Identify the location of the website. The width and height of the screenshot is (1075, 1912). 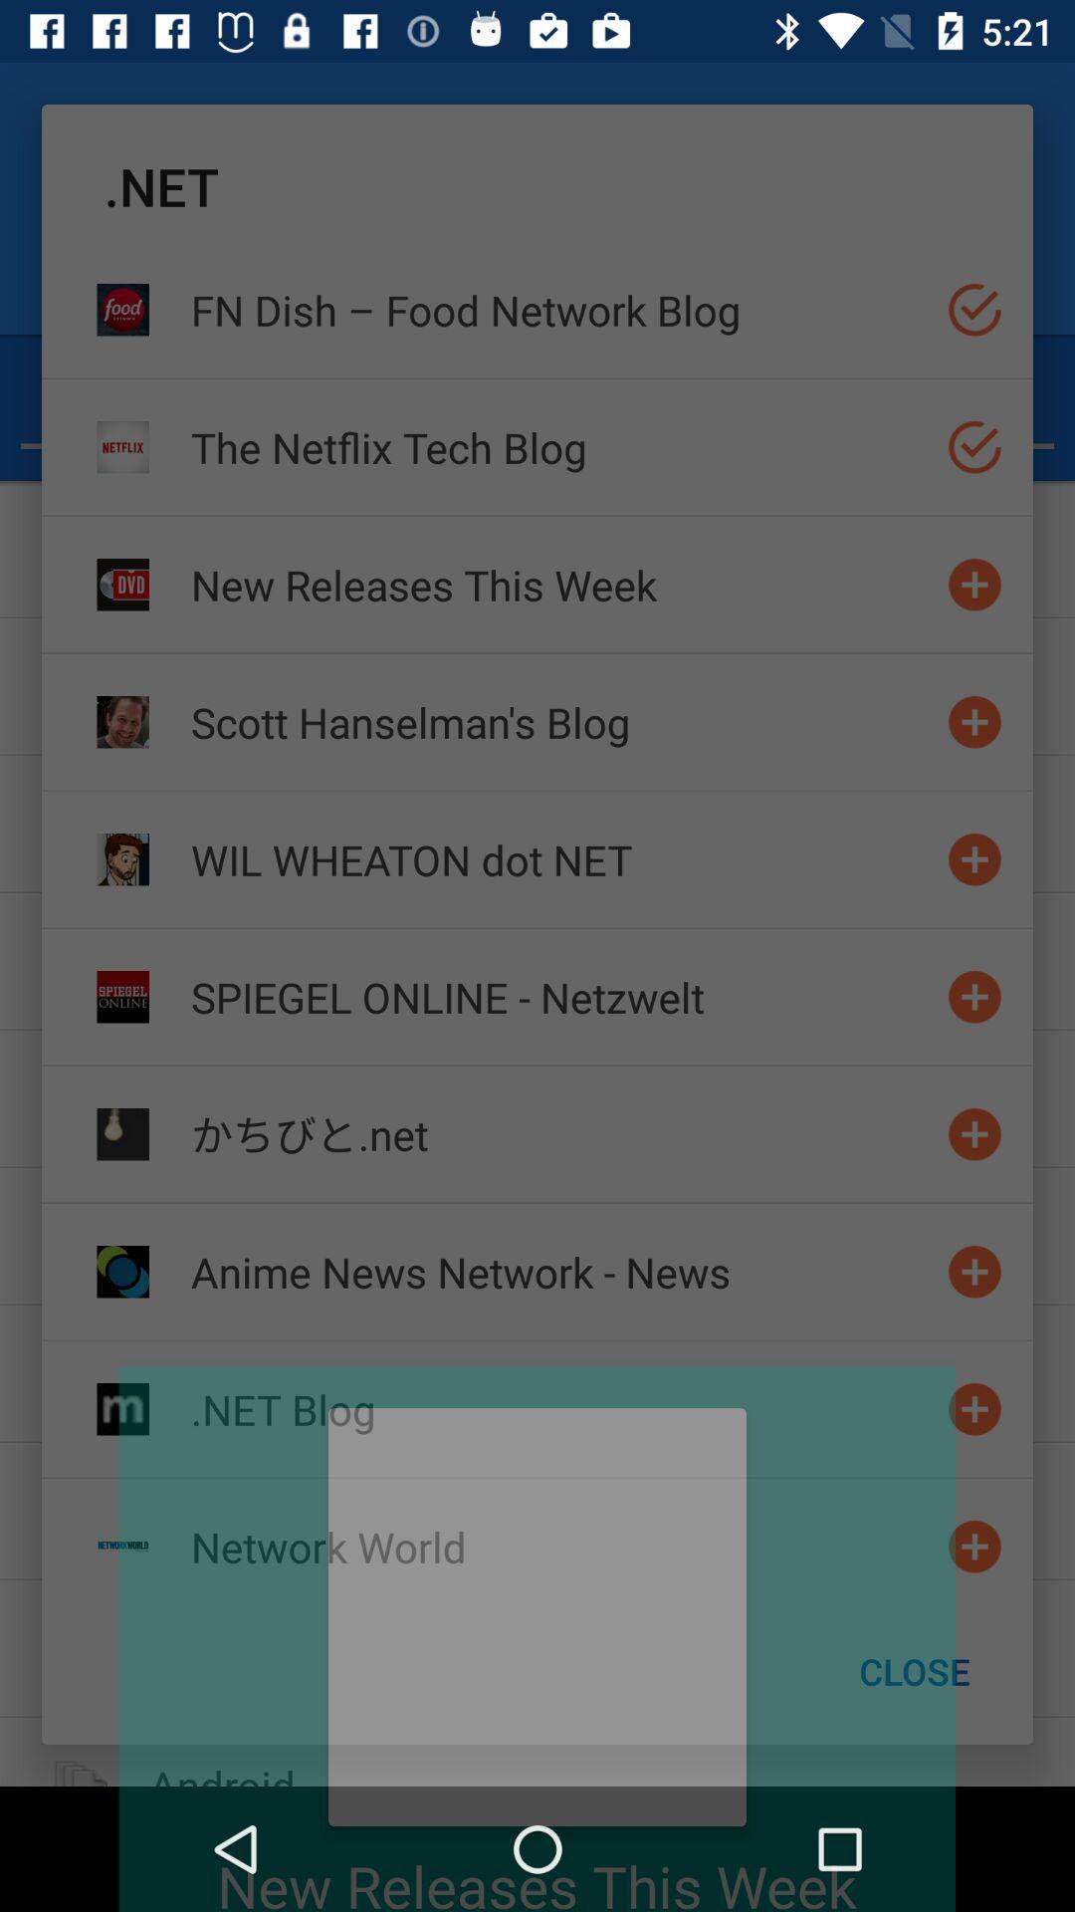
(973, 1271).